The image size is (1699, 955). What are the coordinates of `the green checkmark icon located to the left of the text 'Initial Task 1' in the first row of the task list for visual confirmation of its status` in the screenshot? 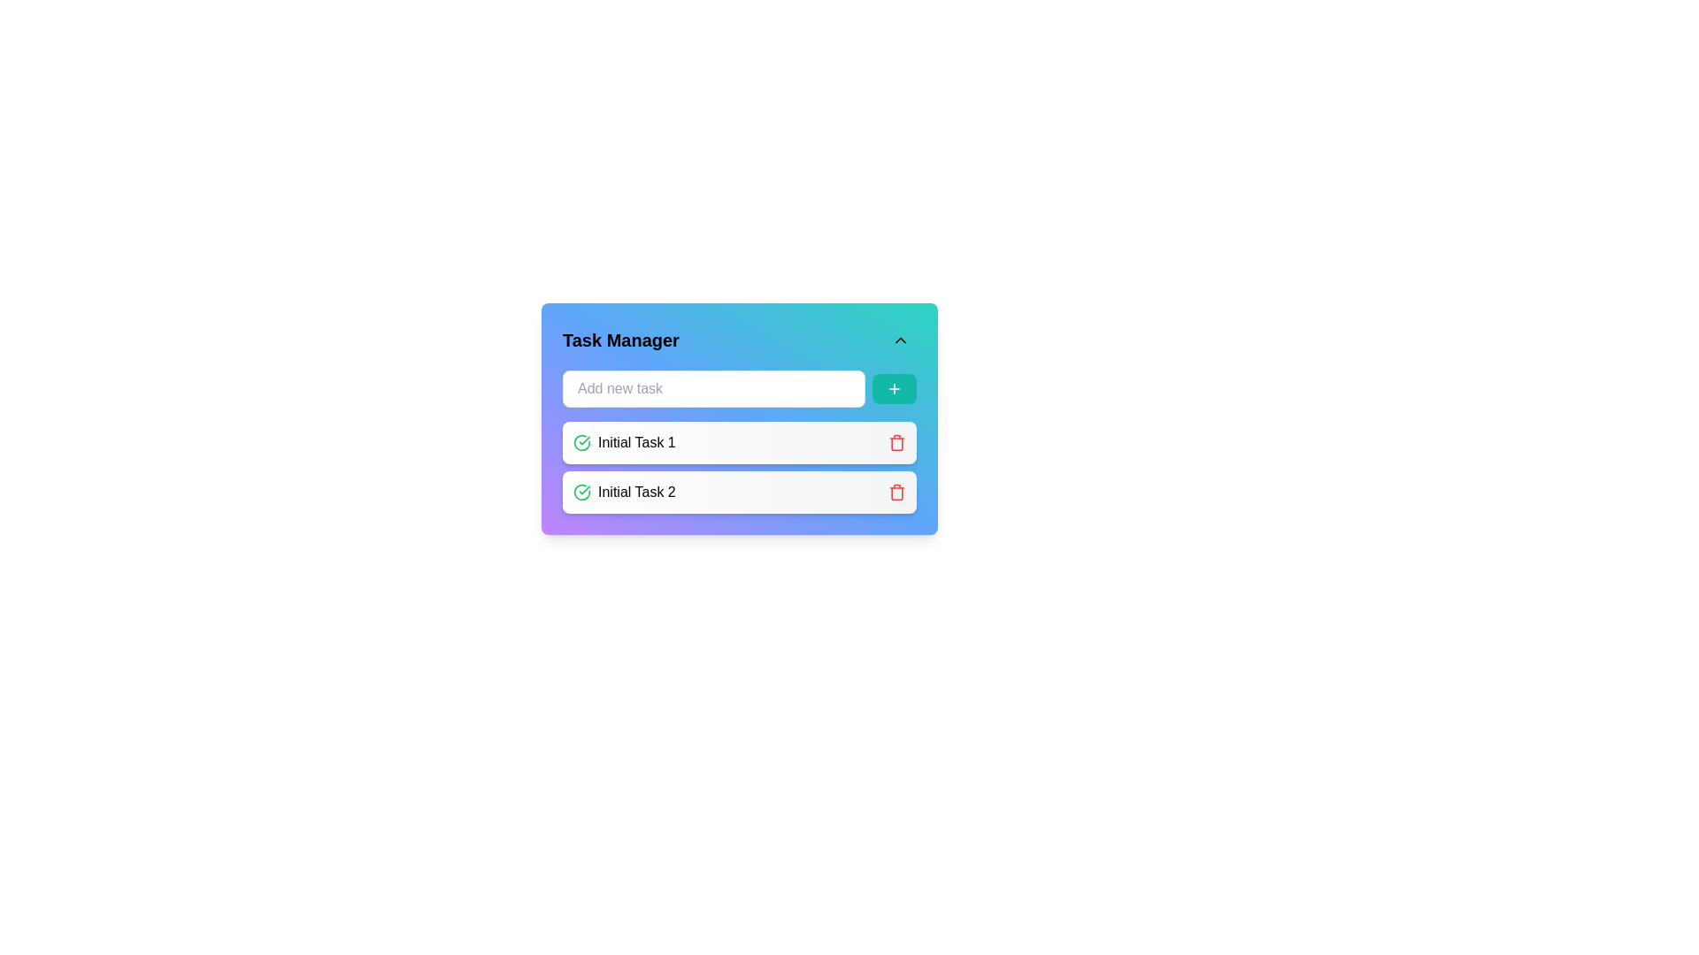 It's located at (581, 442).